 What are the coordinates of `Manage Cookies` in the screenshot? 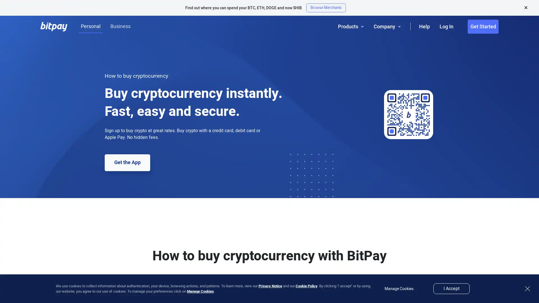 It's located at (200, 291).